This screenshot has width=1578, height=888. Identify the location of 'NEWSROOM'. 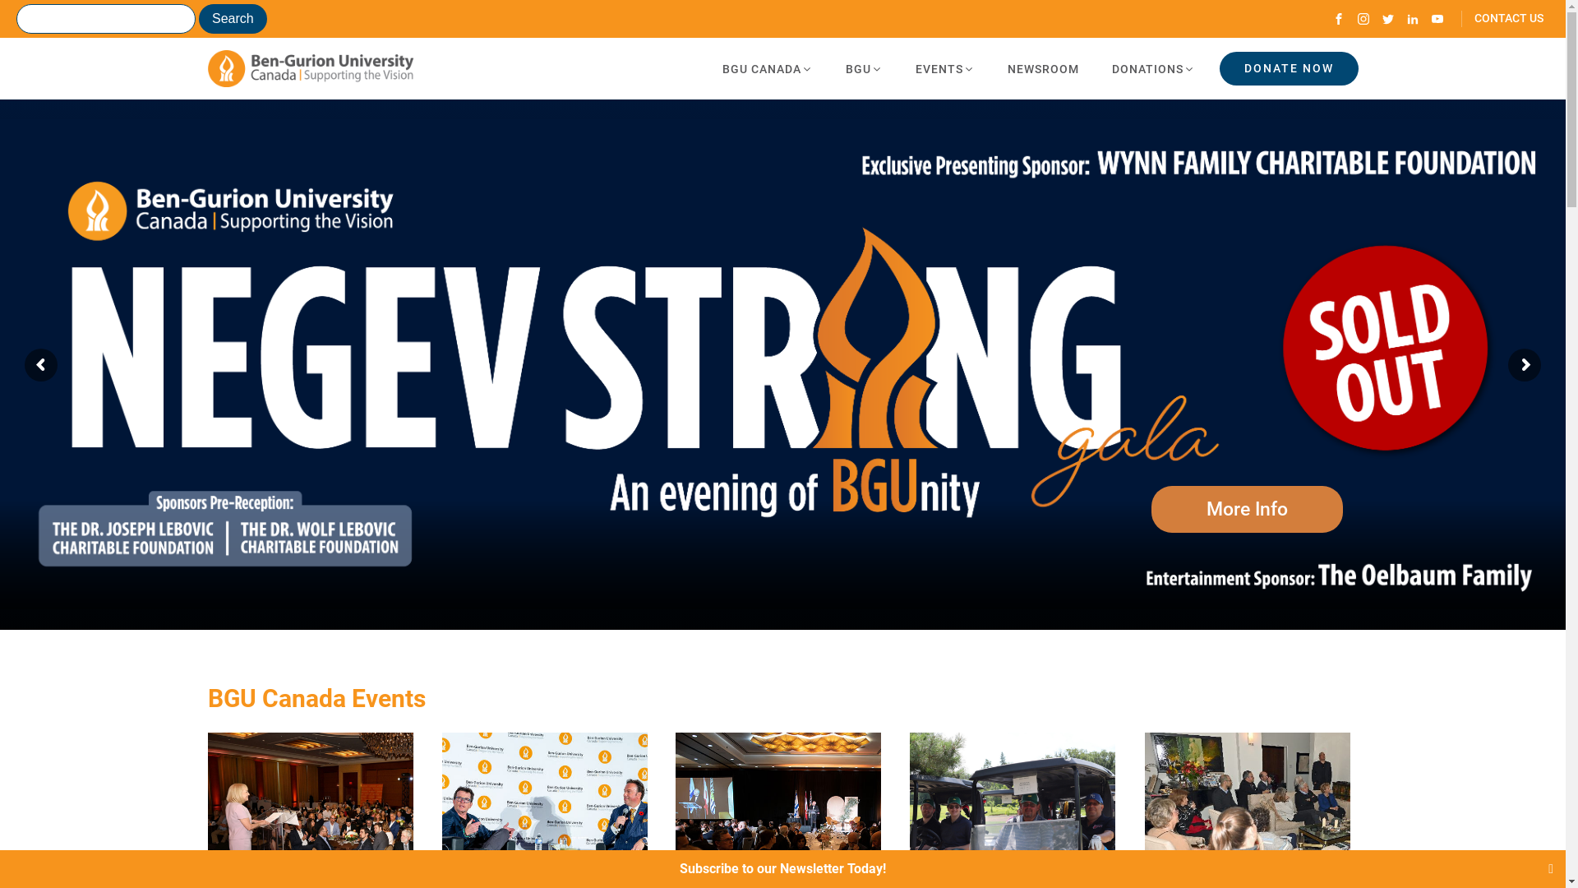
(1042, 68).